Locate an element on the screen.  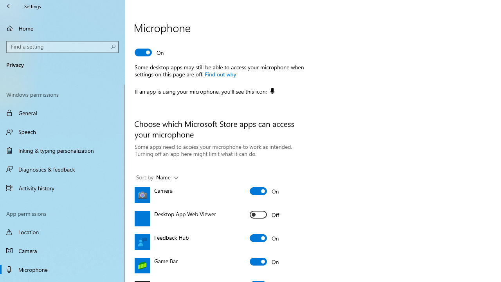
'Activity history' is located at coordinates (63, 188).